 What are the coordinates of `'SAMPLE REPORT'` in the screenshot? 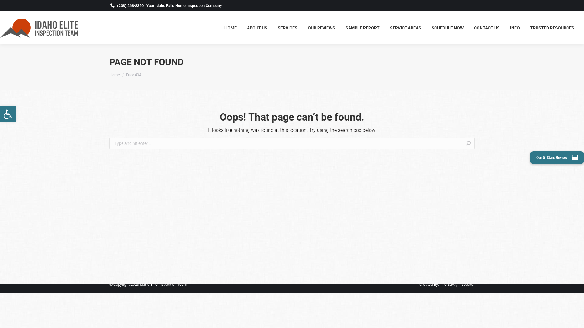 It's located at (362, 28).